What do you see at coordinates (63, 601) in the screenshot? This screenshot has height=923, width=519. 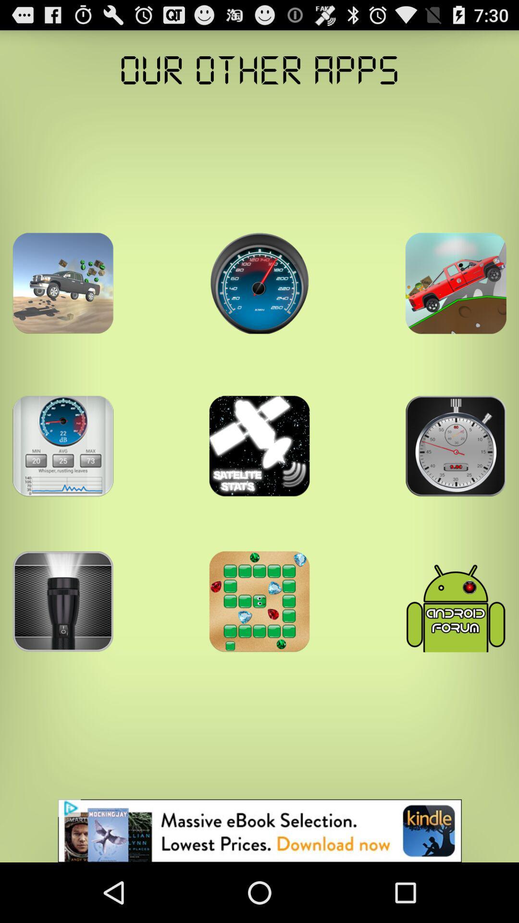 I see `find new apps` at bounding box center [63, 601].